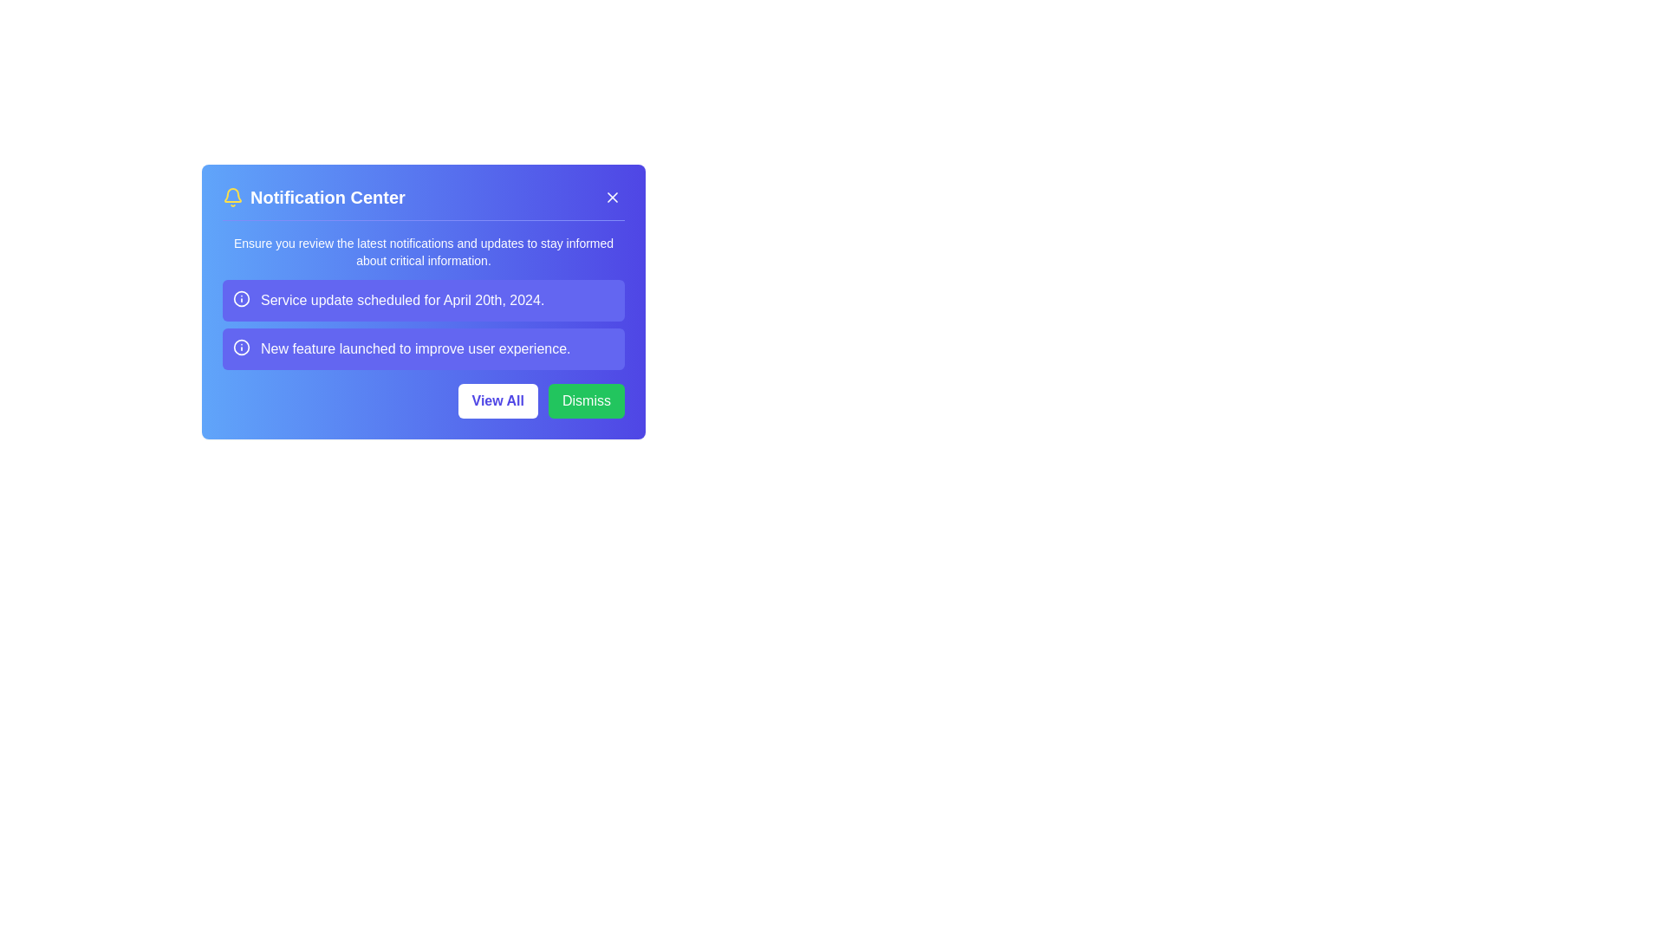 Image resolution: width=1664 pixels, height=936 pixels. What do you see at coordinates (240, 348) in the screenshot?
I see `the circular-shaped icon with a centered 'i' symbol, styled in white on a blue background, located in the Notification Center to the left of the text 'New feature launched to improve user experience.'` at bounding box center [240, 348].